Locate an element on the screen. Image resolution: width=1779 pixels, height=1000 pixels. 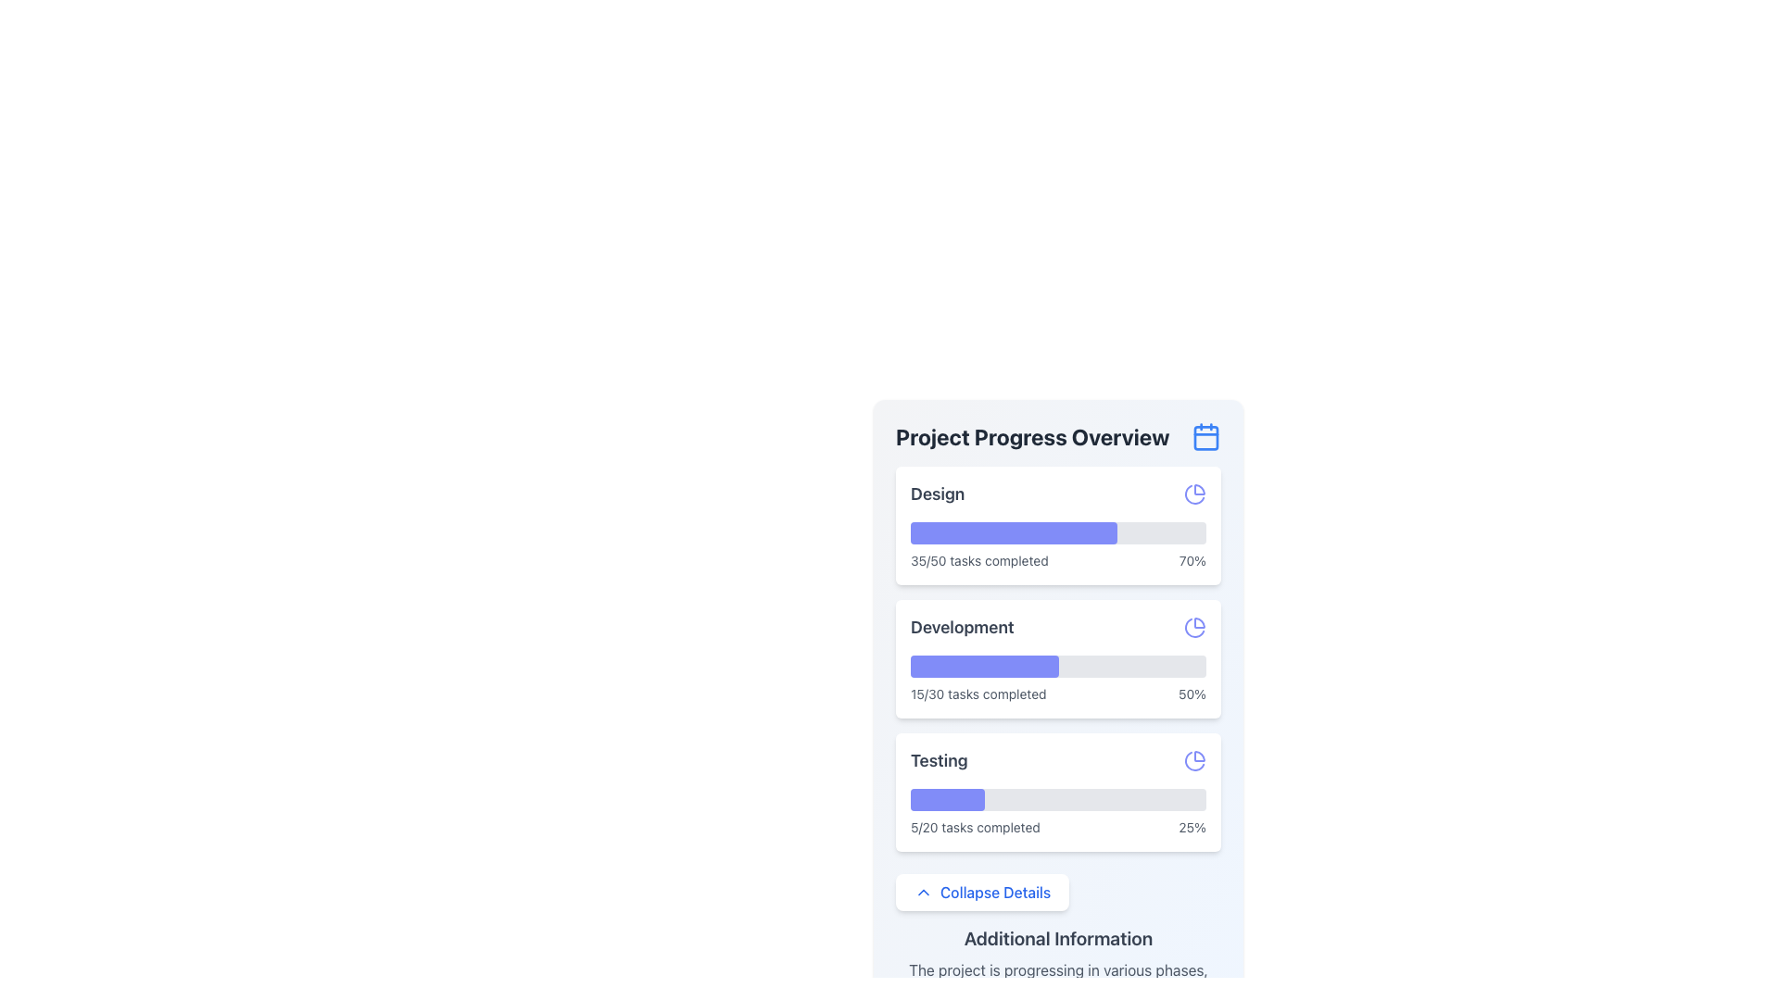
the indigo-colored progress indicator located within the Testing section of the Project Progress Overview panel is located at coordinates (947, 799).